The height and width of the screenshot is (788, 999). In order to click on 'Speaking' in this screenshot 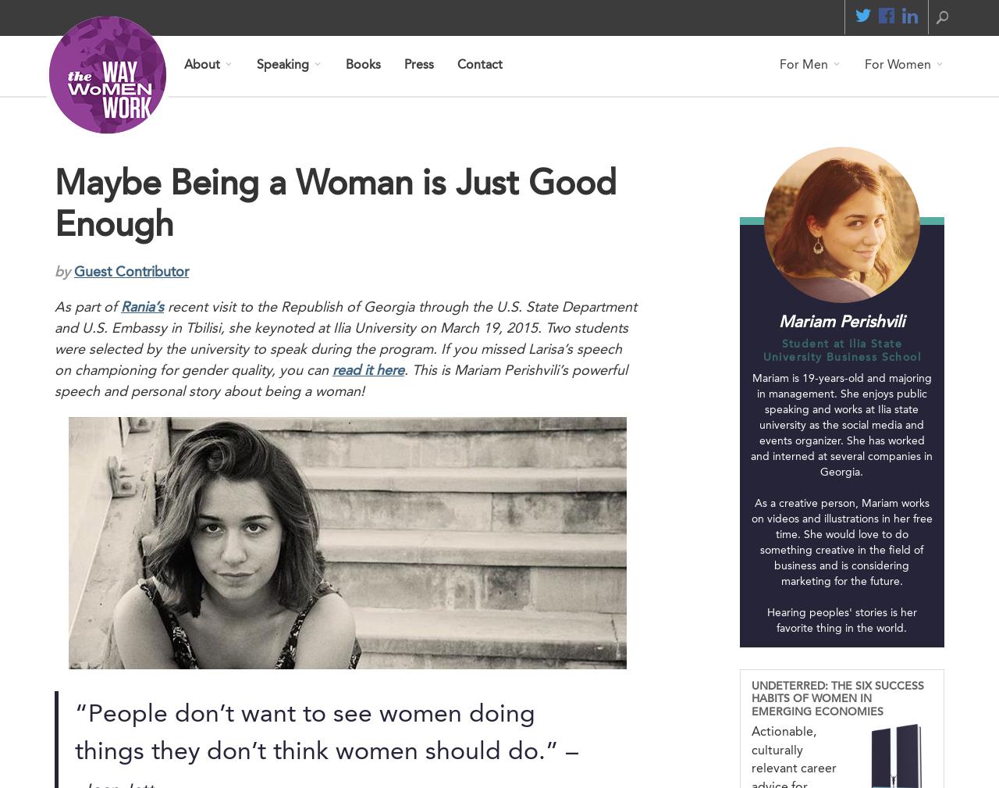, I will do `click(256, 64)`.